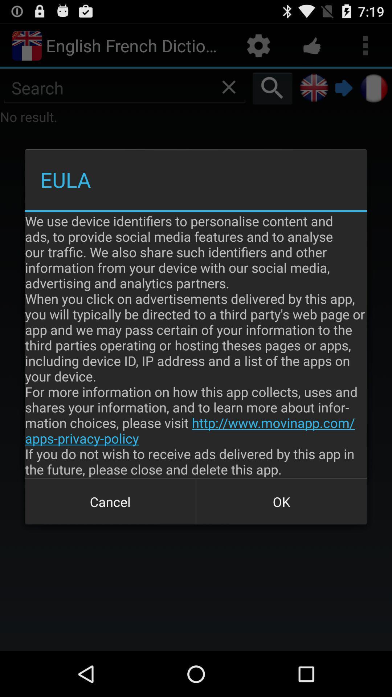 Image resolution: width=392 pixels, height=697 pixels. Describe the element at coordinates (110, 501) in the screenshot. I see `icon at the bottom left corner` at that location.